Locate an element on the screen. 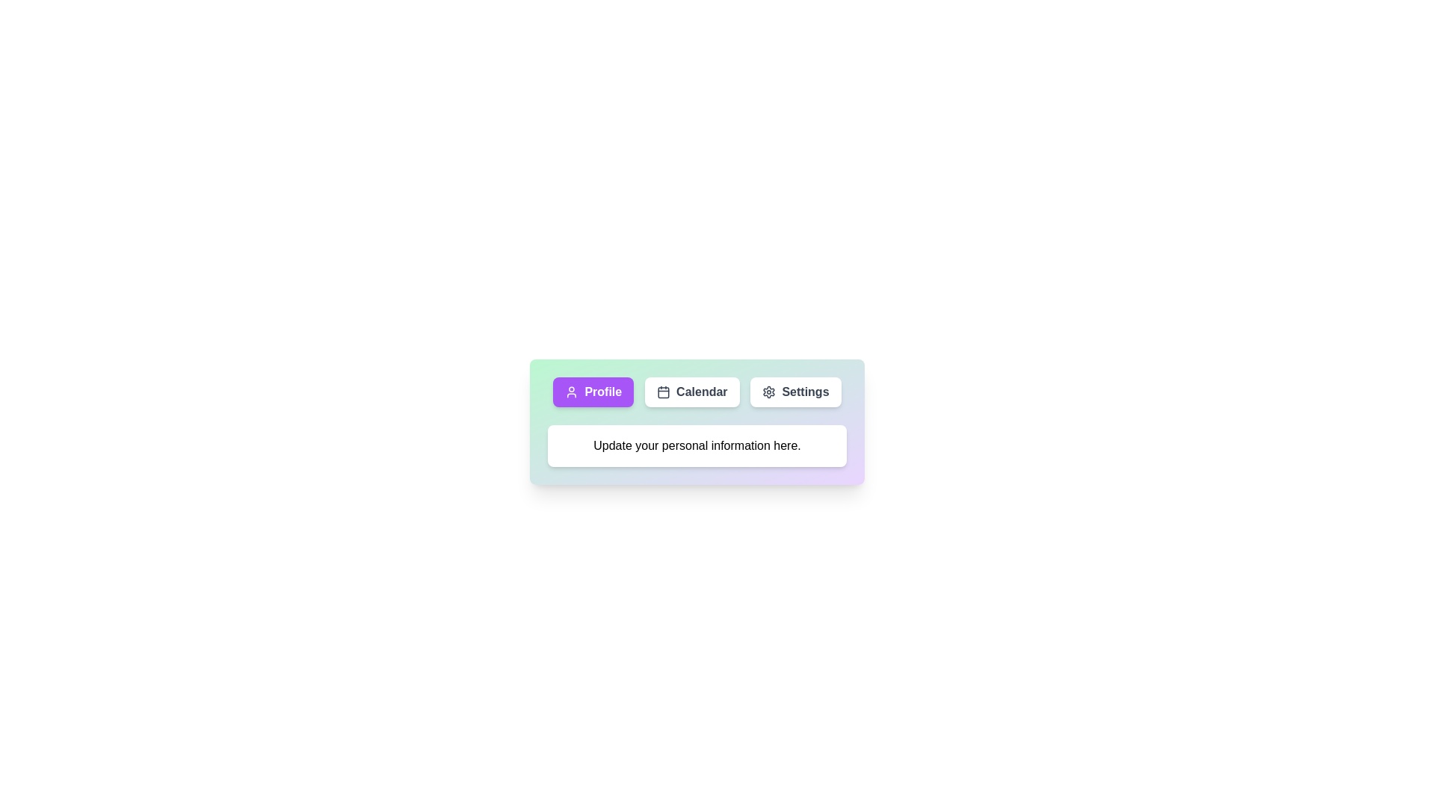  the middle navigational button that leads to the calendar page, located between the purple 'Profile' button and the white 'Settings' button is located at coordinates (691, 391).